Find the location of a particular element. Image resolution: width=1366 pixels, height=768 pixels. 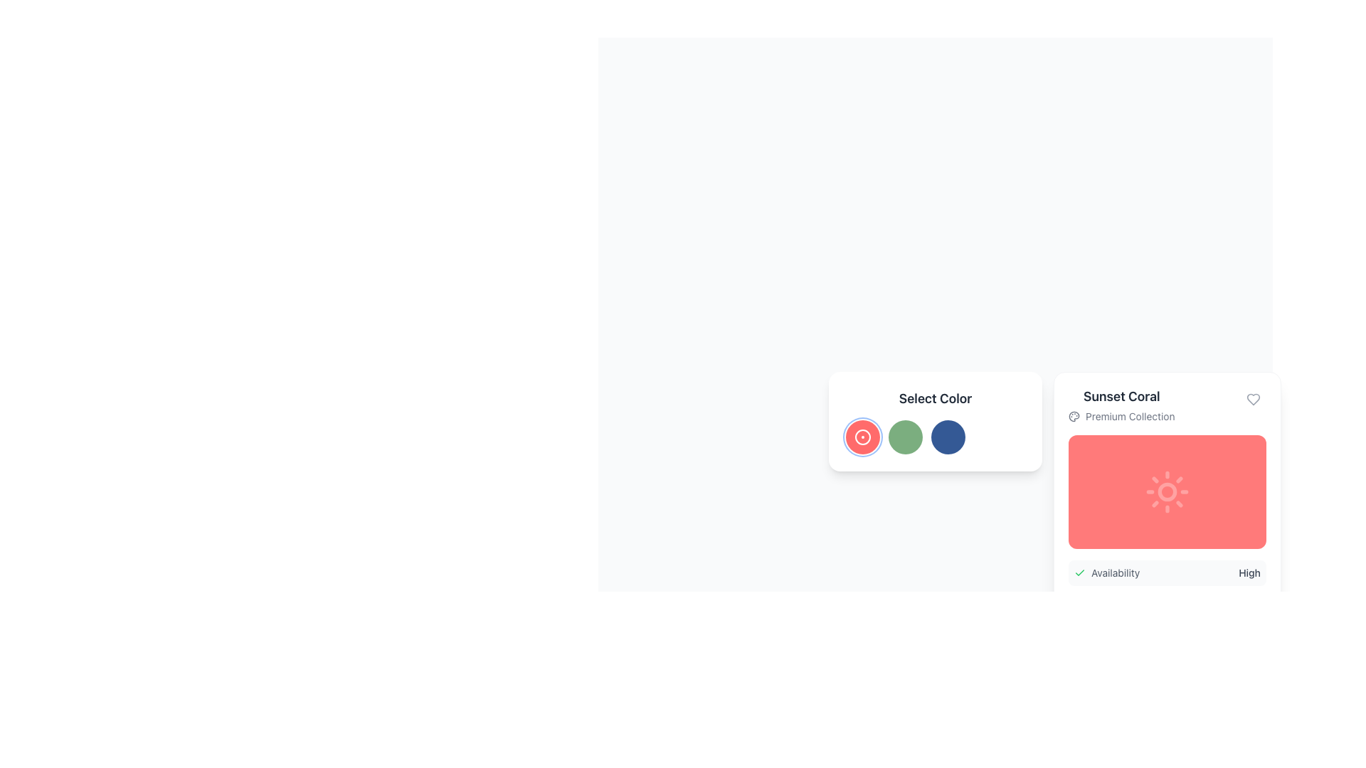

the availability status icon located in the bottom section of the card component, to the left of the 'Availability' text is located at coordinates (1079, 572).